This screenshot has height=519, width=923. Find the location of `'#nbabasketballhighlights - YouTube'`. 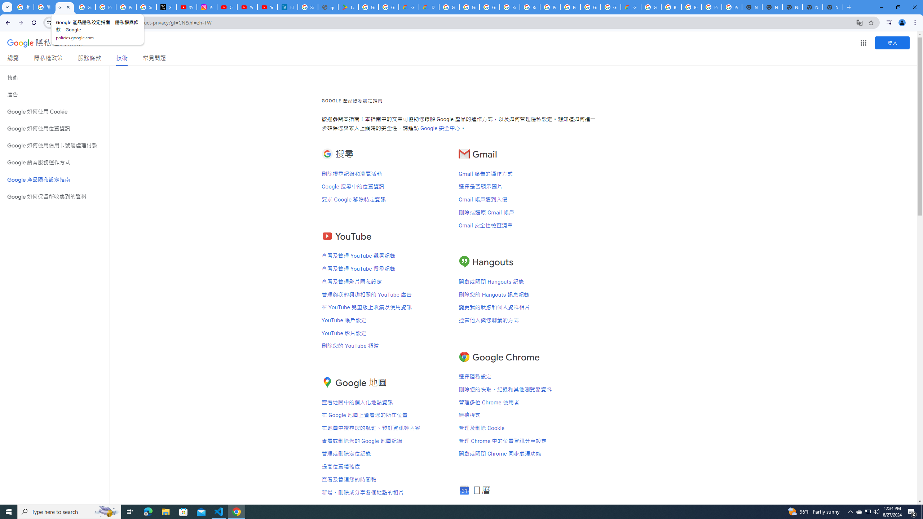

'#nbabasketballhighlights - YouTube' is located at coordinates (186, 7).